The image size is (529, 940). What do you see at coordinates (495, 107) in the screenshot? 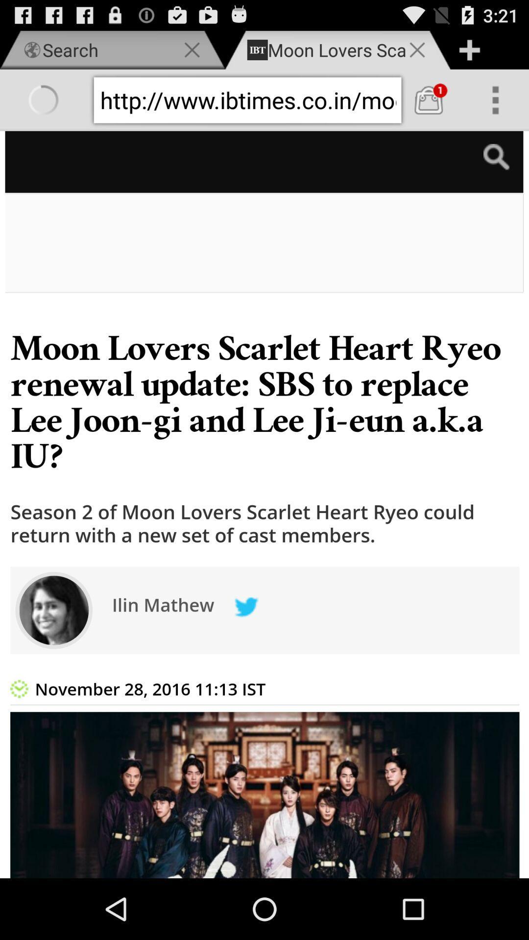
I see `the more icon` at bounding box center [495, 107].